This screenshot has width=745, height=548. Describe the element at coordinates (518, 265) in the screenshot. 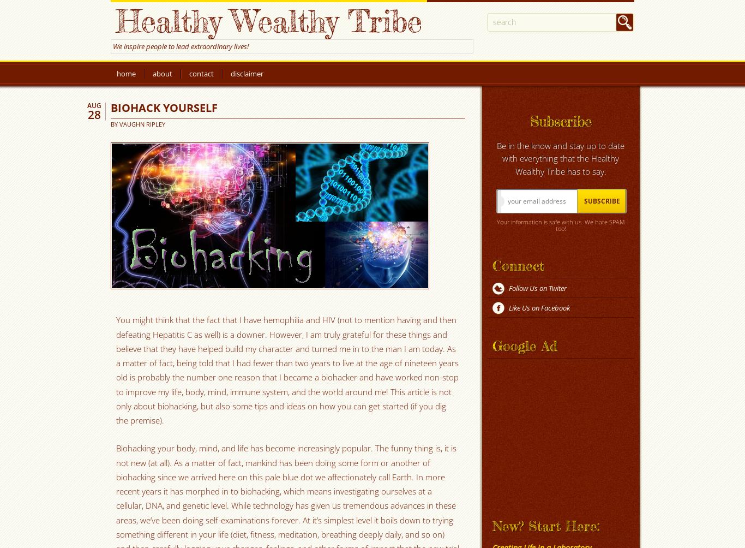

I see `'Connect'` at that location.